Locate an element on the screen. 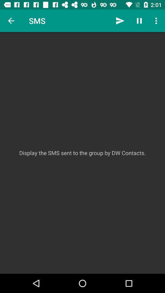 Image resolution: width=165 pixels, height=293 pixels. icon above the display the sms is located at coordinates (157, 21).